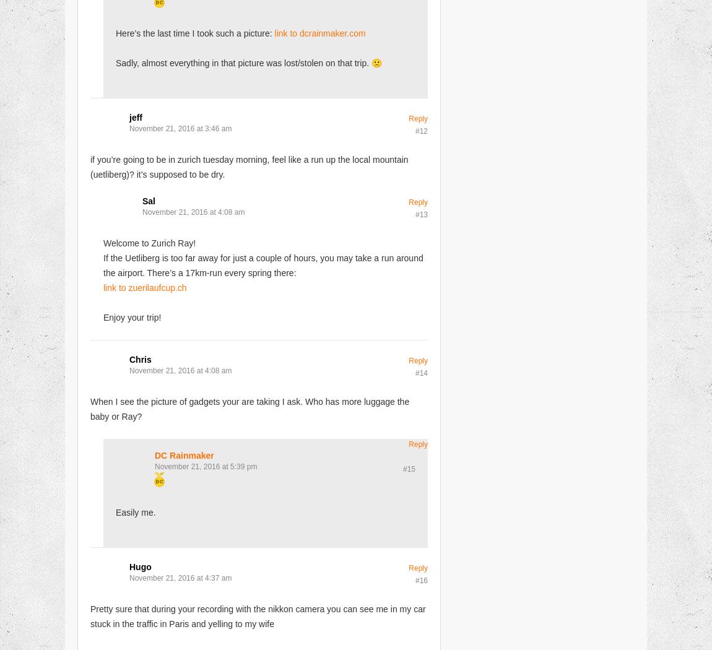 Image resolution: width=712 pixels, height=650 pixels. I want to click on 'Pretty sure that during your recording with the nikkon camera you can see me in my car stuck in the traffic in Paris and yelling to my wife', so click(258, 615).